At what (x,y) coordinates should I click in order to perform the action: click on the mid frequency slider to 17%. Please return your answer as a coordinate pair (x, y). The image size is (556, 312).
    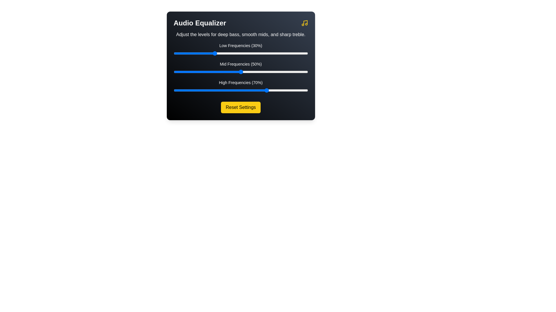
    Looking at the image, I should click on (196, 72).